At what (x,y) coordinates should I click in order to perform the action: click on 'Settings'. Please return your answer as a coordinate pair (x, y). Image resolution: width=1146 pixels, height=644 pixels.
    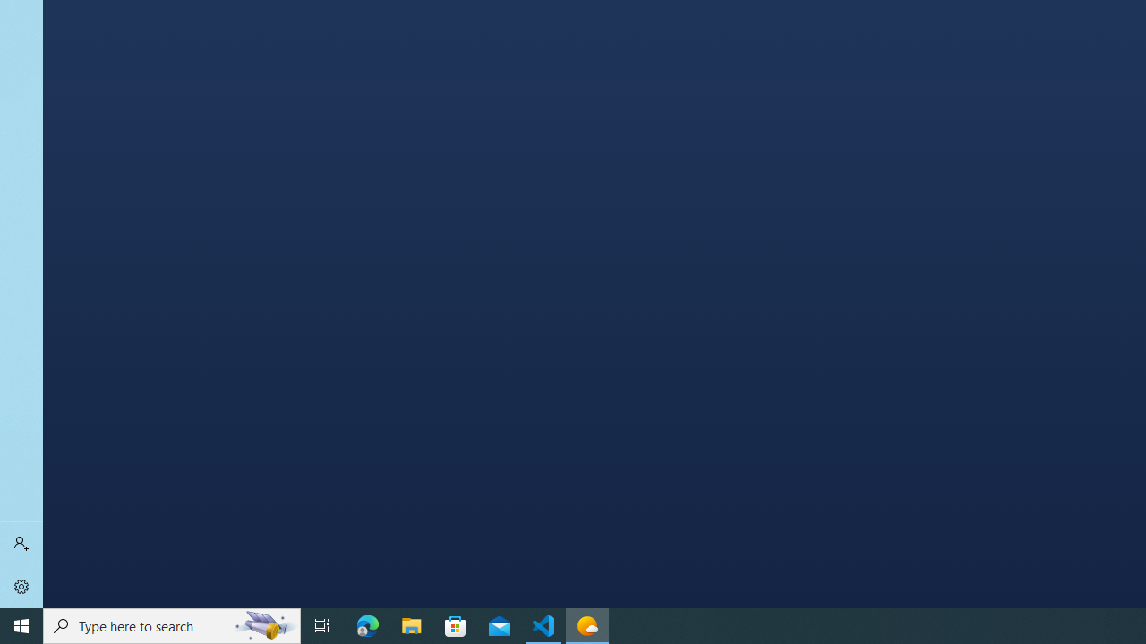
    Looking at the image, I should click on (21, 586).